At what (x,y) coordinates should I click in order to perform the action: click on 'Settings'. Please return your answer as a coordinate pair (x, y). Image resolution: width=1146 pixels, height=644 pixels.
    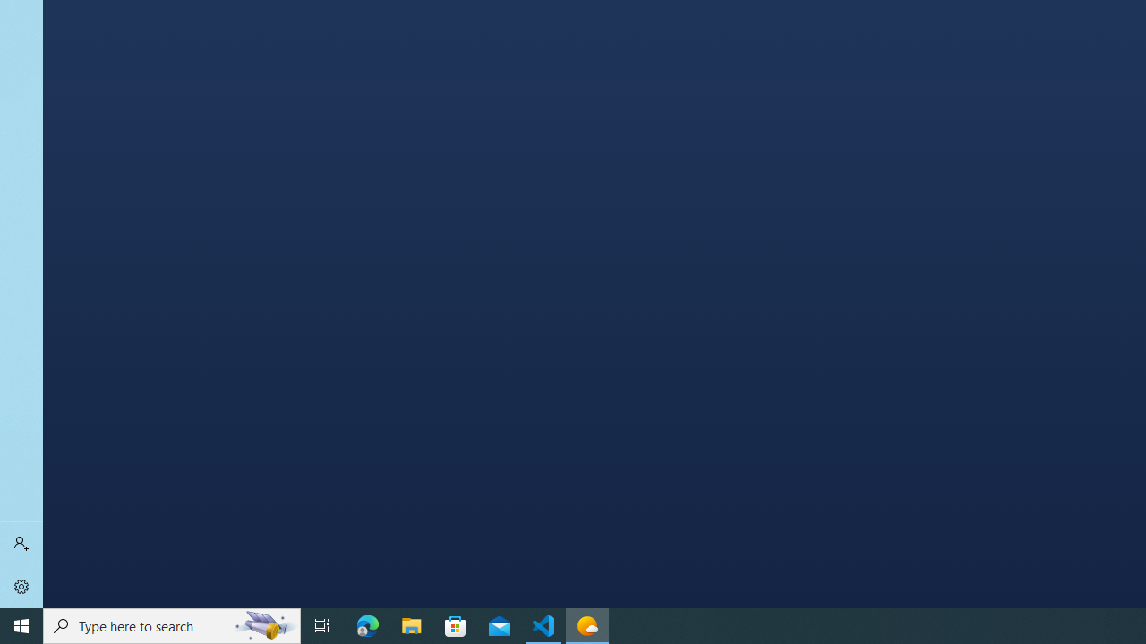
    Looking at the image, I should click on (21, 586).